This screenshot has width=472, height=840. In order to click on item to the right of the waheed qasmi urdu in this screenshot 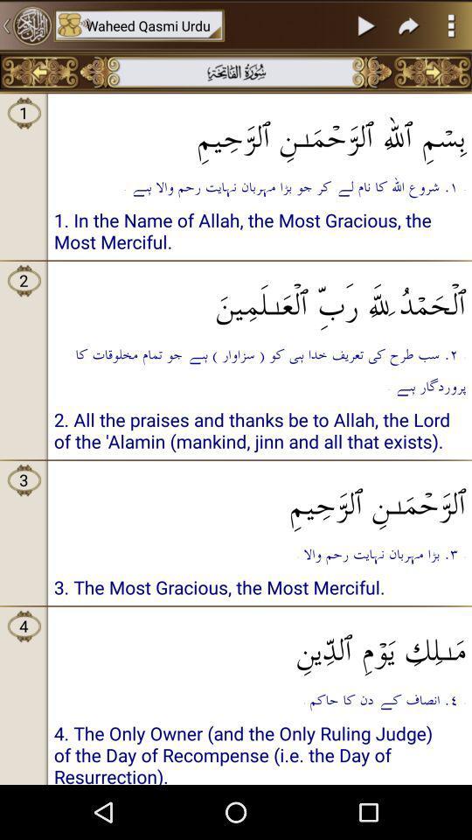, I will do `click(366, 24)`.